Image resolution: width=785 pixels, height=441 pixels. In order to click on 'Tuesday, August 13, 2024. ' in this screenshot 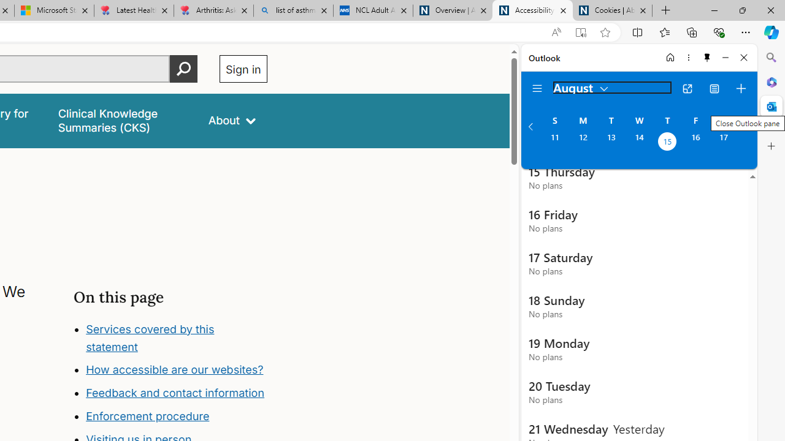, I will do `click(611, 142)`.